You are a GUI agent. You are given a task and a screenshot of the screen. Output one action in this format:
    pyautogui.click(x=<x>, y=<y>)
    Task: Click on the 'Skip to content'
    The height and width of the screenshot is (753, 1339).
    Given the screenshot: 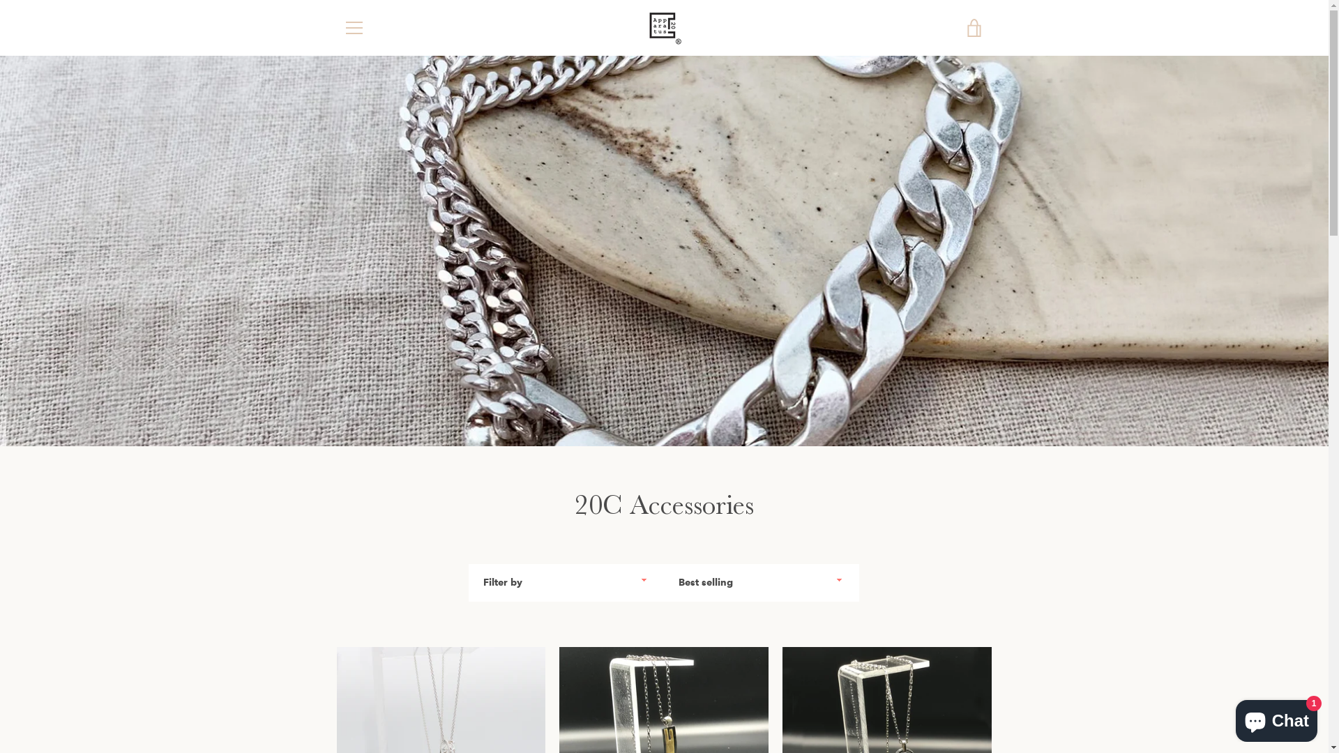 What is the action you would take?
    pyautogui.click(x=0, y=0)
    